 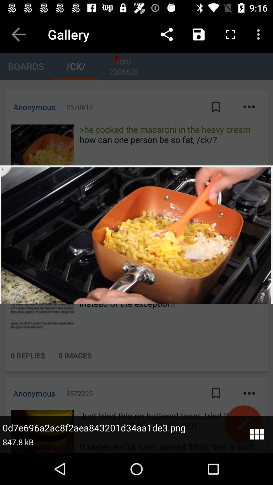 What do you see at coordinates (256, 434) in the screenshot?
I see `the dashboard icon` at bounding box center [256, 434].